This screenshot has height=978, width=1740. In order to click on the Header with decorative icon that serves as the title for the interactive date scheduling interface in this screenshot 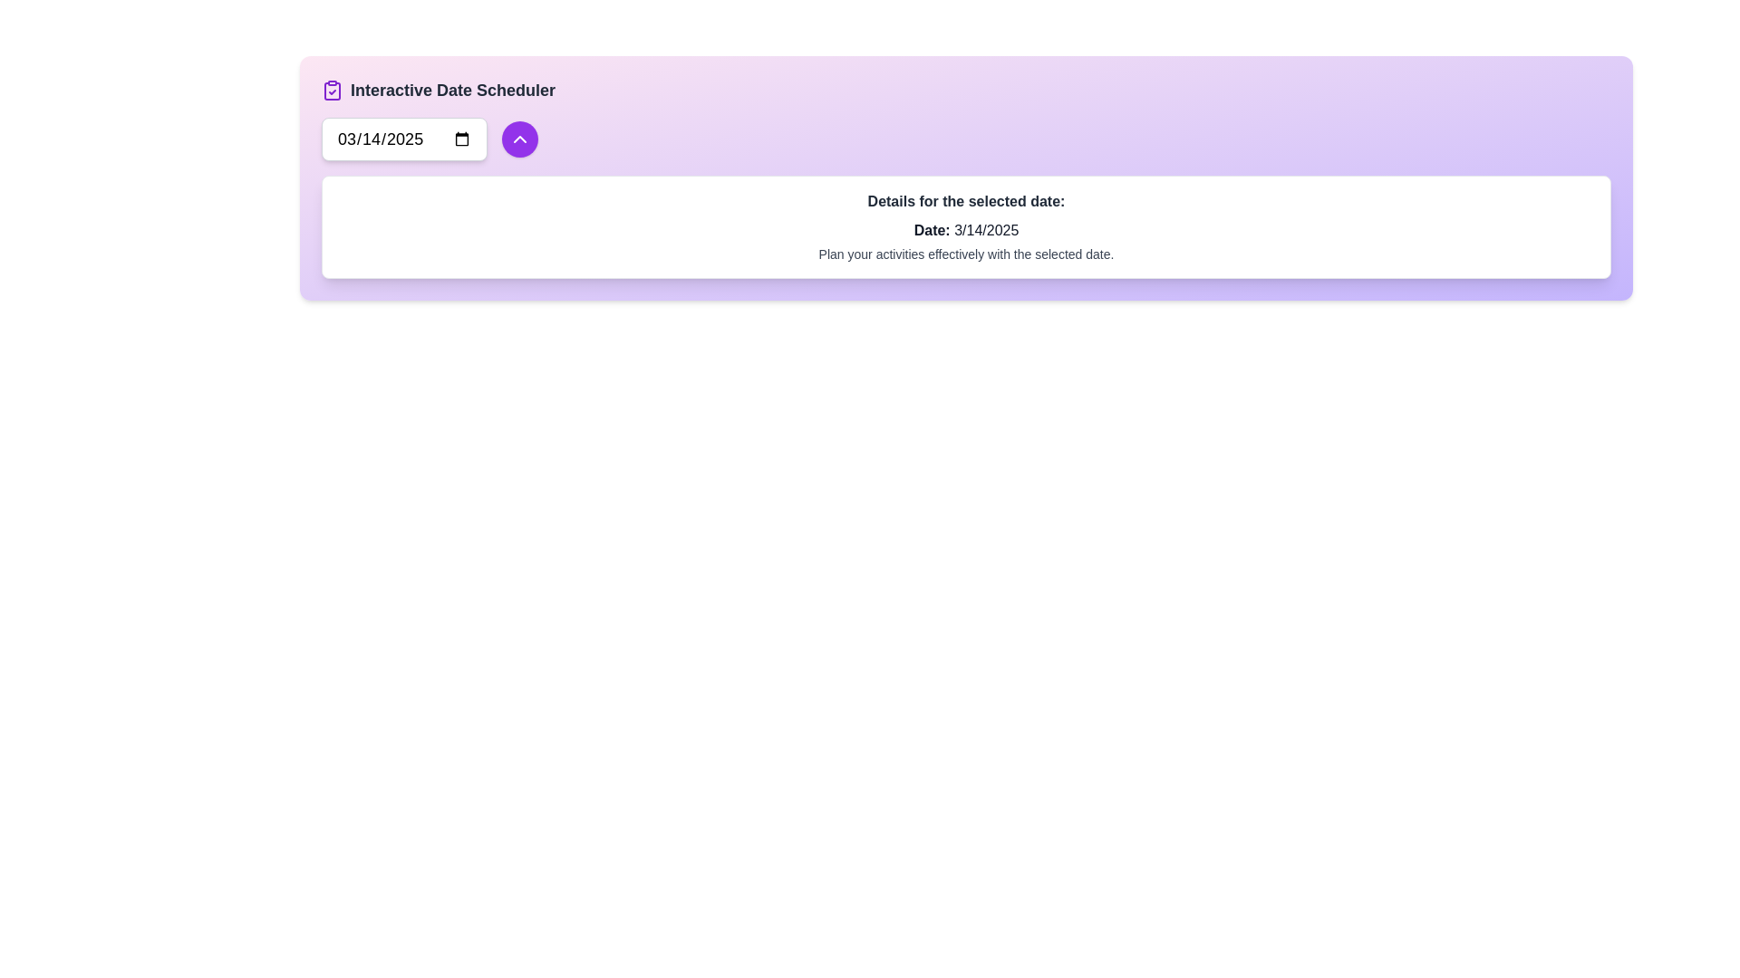, I will do `click(965, 91)`.